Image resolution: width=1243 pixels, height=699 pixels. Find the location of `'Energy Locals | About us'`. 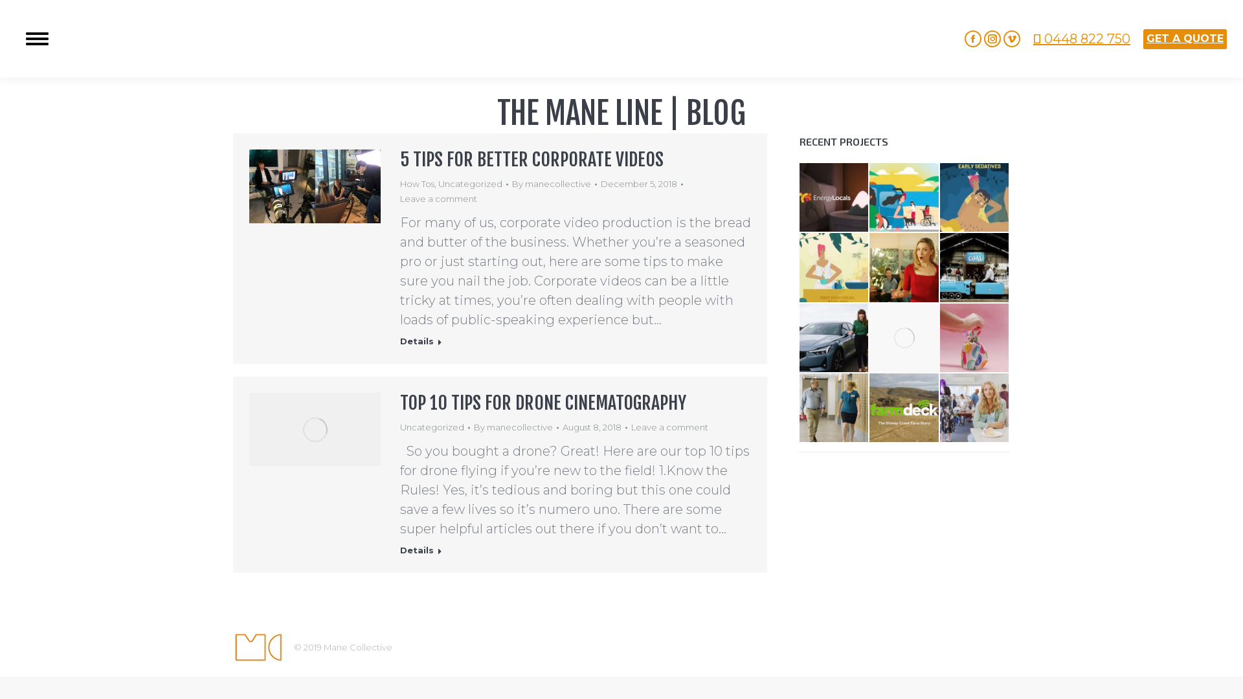

'Energy Locals | About us' is located at coordinates (834, 197).